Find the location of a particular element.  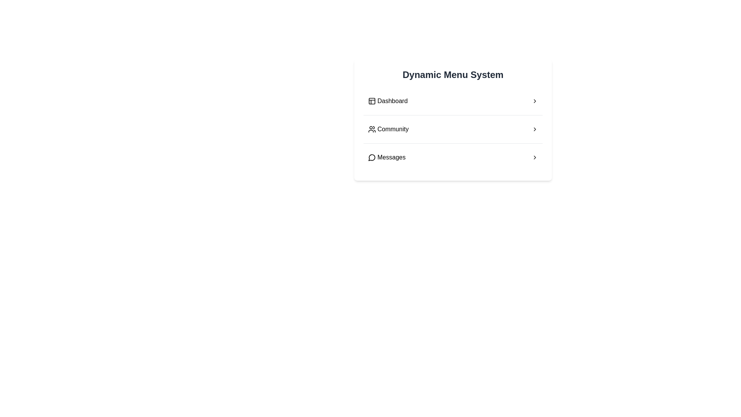

the third button in the 'Dynamic Menu System' that navigates to the messages section is located at coordinates (453, 157).